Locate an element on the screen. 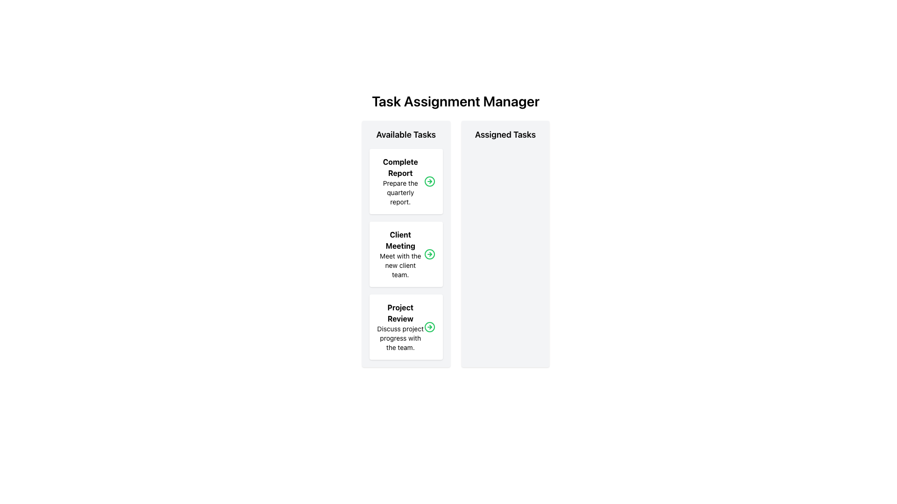  the interactive icon located at the right end of the 'Complete Report' card is located at coordinates (429, 182).